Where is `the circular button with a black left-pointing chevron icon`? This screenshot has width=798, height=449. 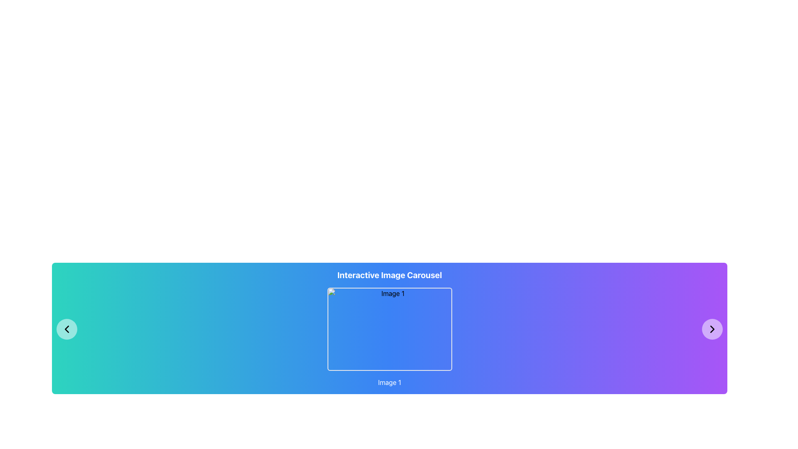 the circular button with a black left-pointing chevron icon is located at coordinates (67, 328).